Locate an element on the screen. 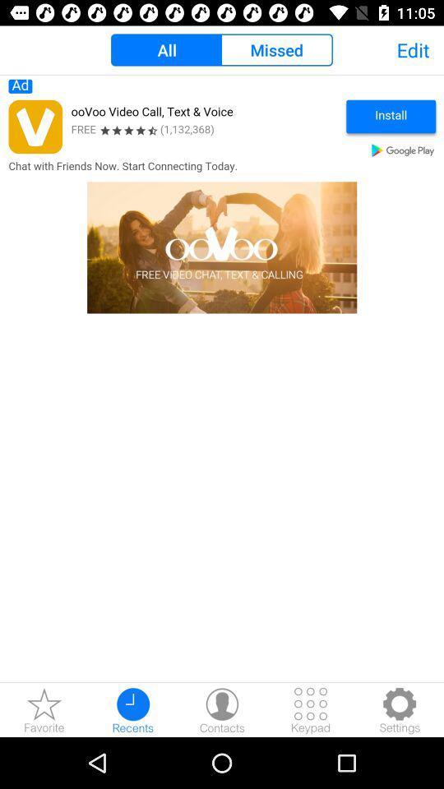 This screenshot has height=789, width=444. the star icon is located at coordinates (44, 709).